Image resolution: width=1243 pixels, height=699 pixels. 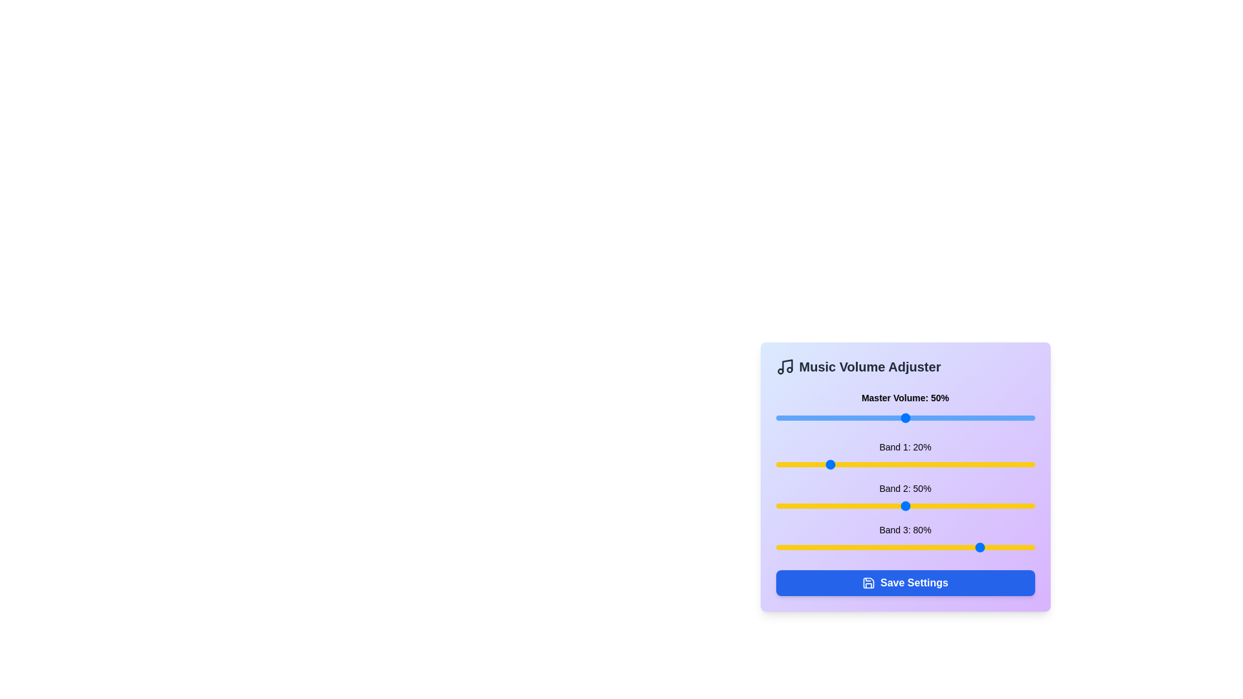 What do you see at coordinates (904, 547) in the screenshot?
I see `Band 3 slider` at bounding box center [904, 547].